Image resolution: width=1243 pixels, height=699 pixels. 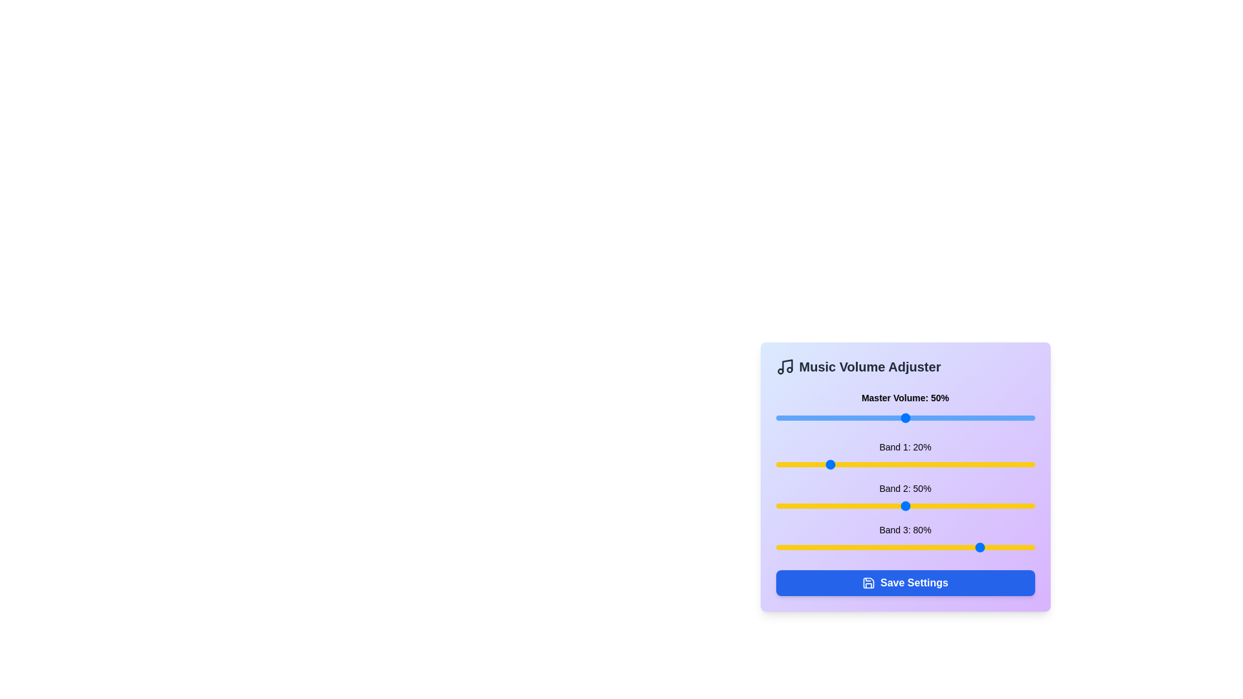 What do you see at coordinates (904, 547) in the screenshot?
I see `Band 3 slider` at bounding box center [904, 547].